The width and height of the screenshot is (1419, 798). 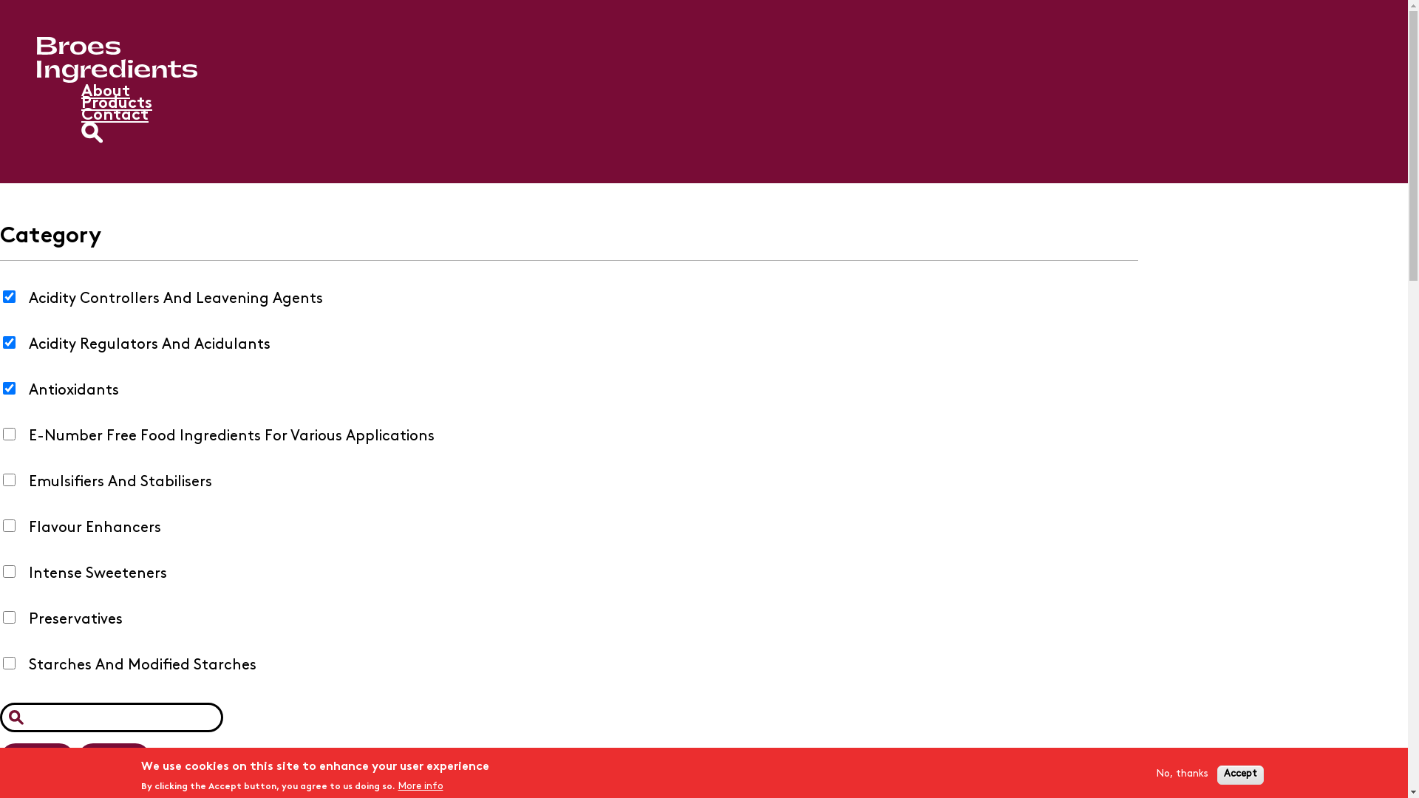 What do you see at coordinates (116, 103) in the screenshot?
I see `'Products'` at bounding box center [116, 103].